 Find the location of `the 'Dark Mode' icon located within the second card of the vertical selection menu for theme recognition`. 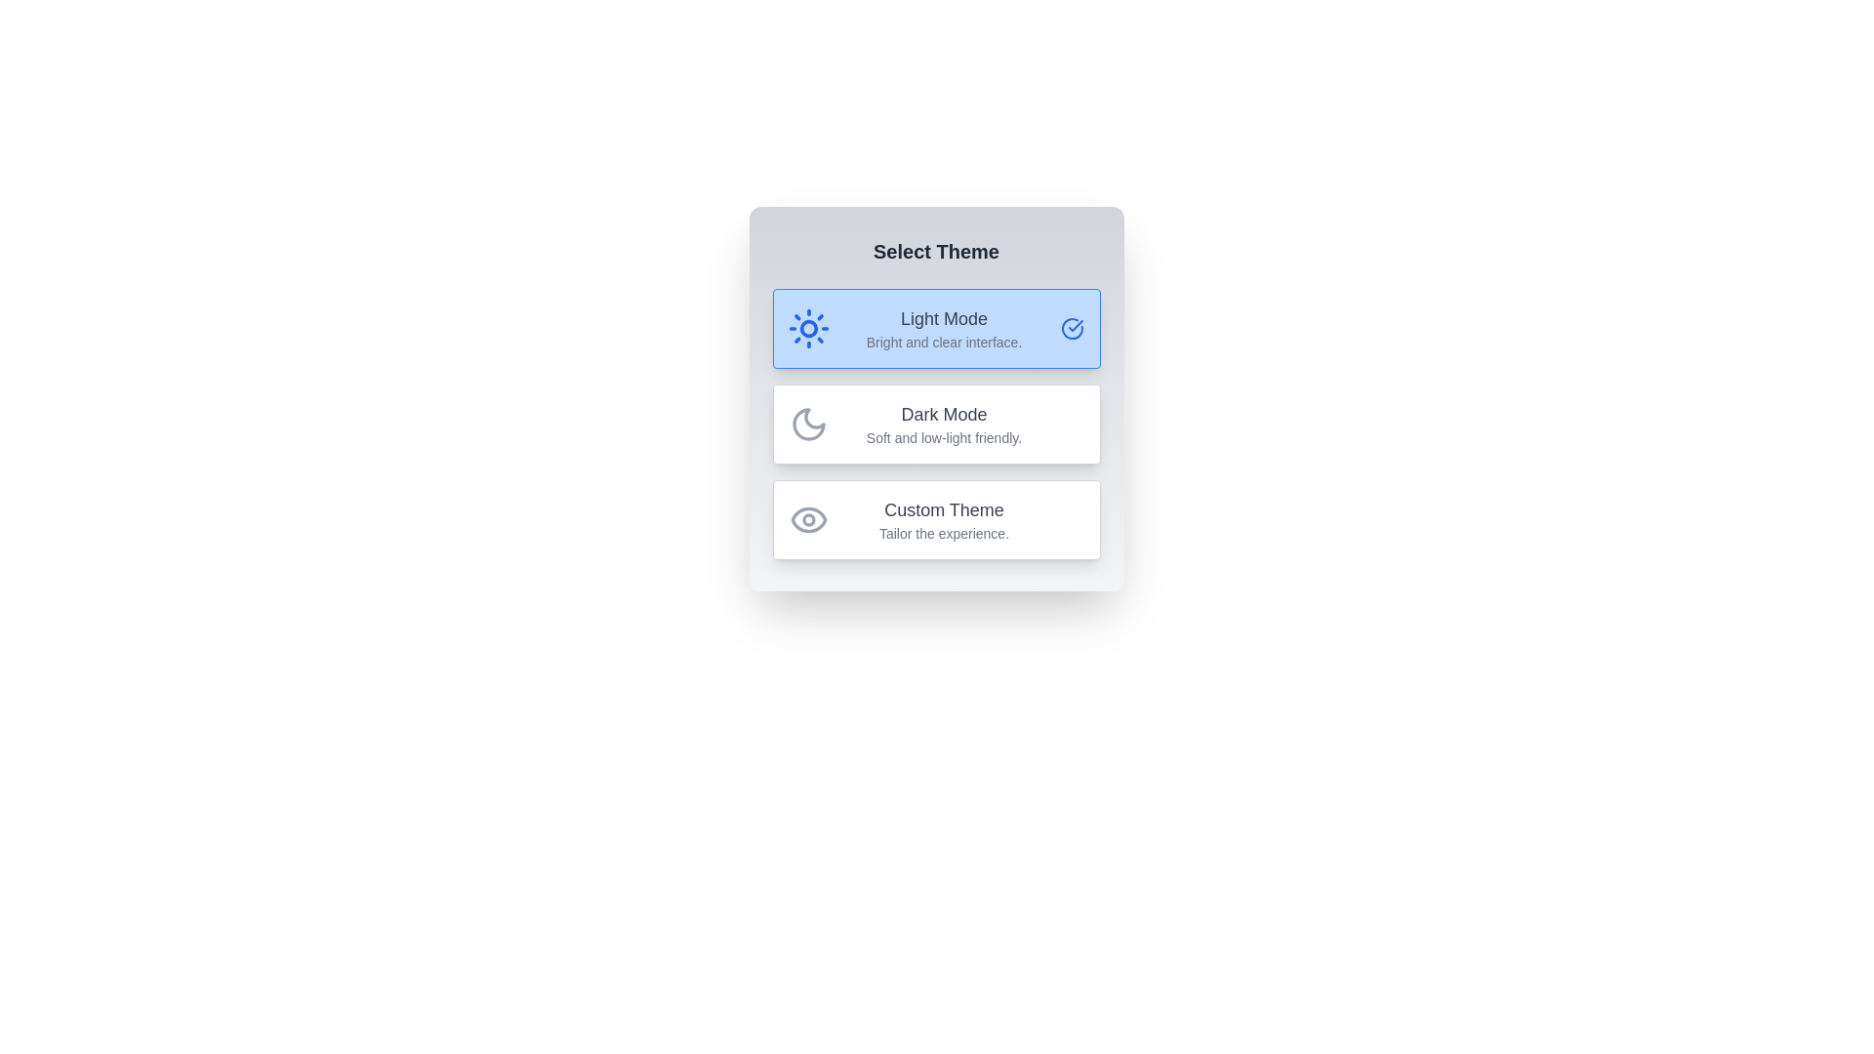

the 'Dark Mode' icon located within the second card of the vertical selection menu for theme recognition is located at coordinates (808, 424).